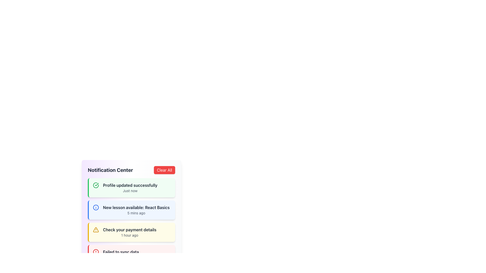  What do you see at coordinates (131, 221) in the screenshot?
I see `notifications from the vertically arranged list of notification cards located in the Notification Center, positioned centrally and above the Clear All button` at bounding box center [131, 221].